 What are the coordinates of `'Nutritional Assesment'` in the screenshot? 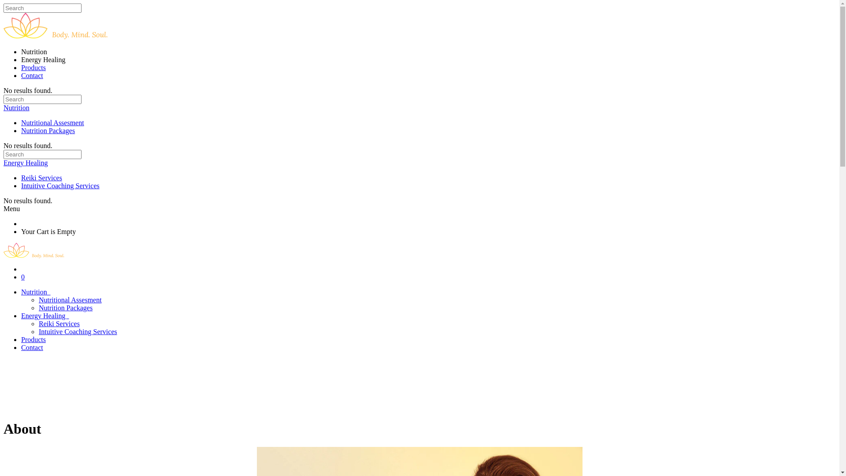 It's located at (70, 299).